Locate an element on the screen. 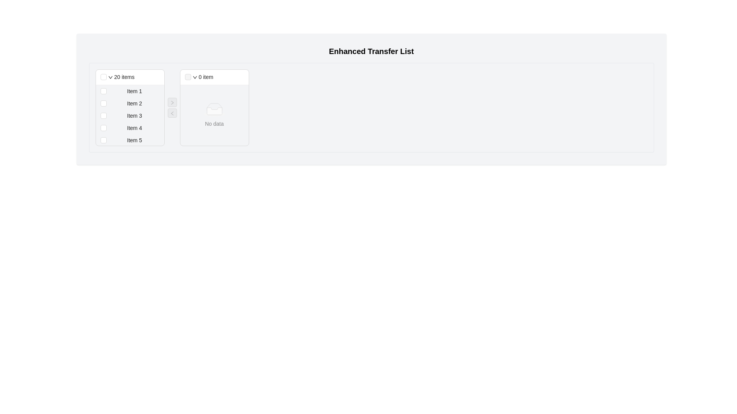 The height and width of the screenshot is (414, 737). the text label located in the left panel beneath the '20 items' header, which is the first item in the vertical stack of the transfer list interface is located at coordinates (134, 91).